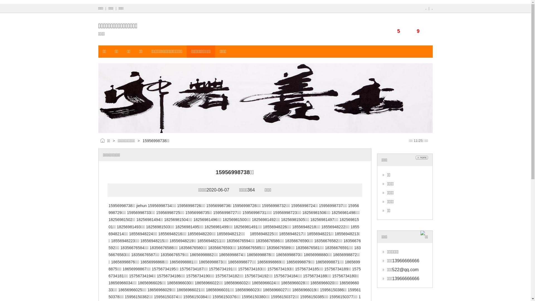 Image resolution: width=535 pixels, height=301 pixels. Describe the element at coordinates (432, 8) in the screenshot. I see `'.'` at that location.